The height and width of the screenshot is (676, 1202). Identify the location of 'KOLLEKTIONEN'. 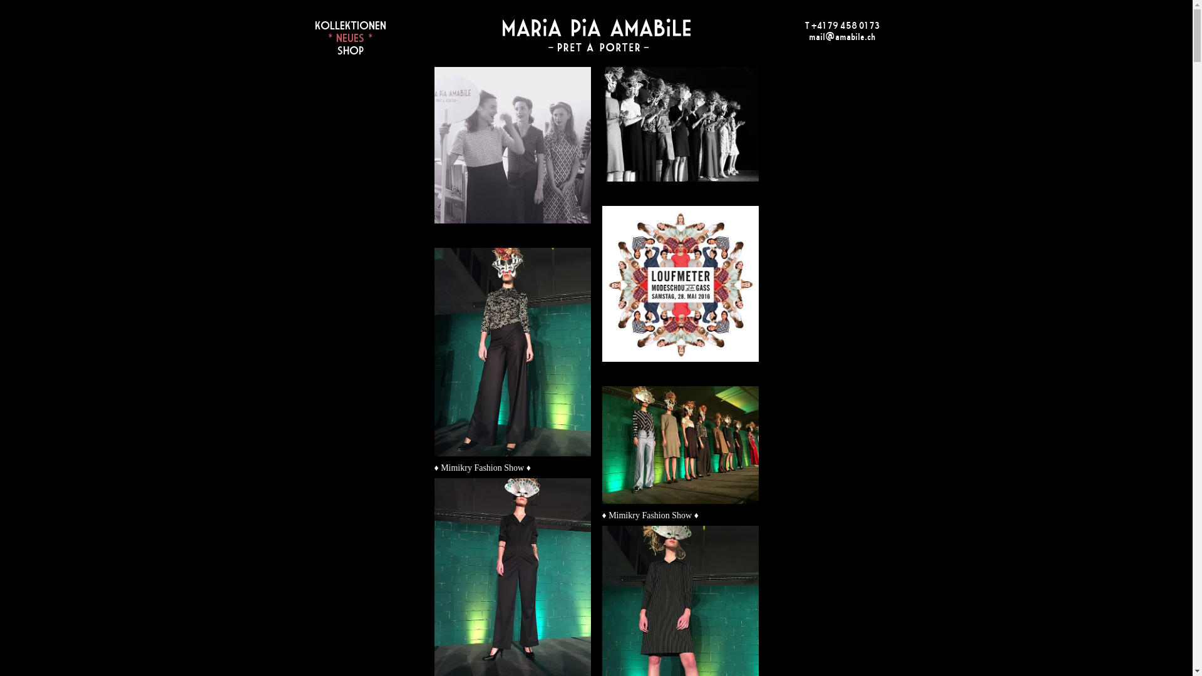
(314, 26).